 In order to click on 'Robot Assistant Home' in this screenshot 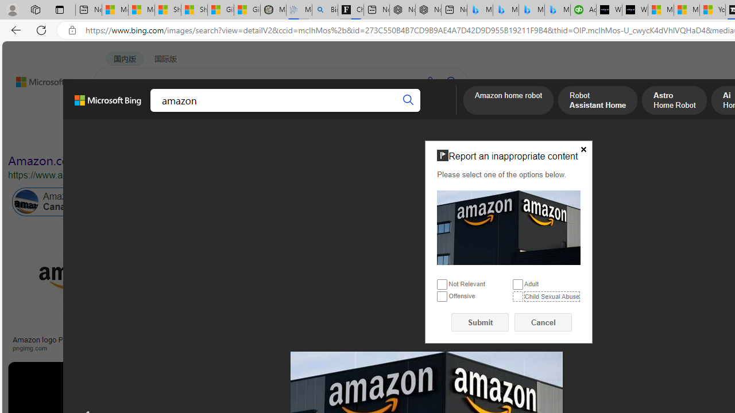, I will do `click(597, 101)`.